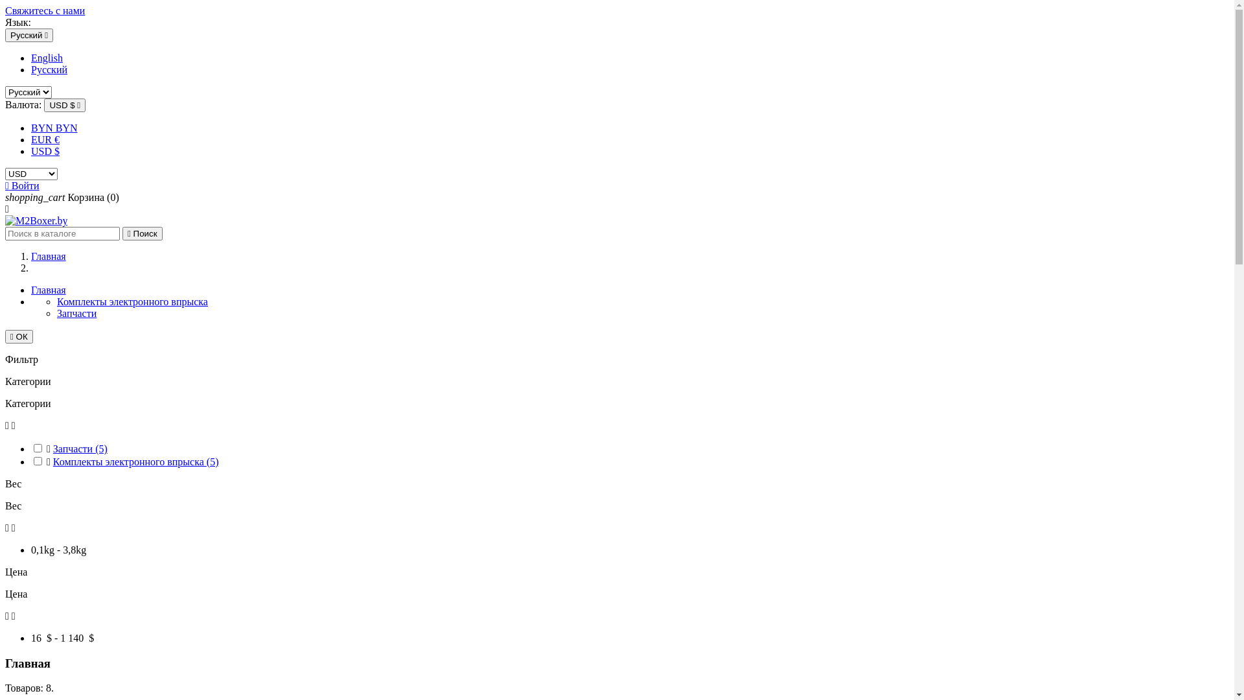 The width and height of the screenshot is (1244, 700). Describe the element at coordinates (47, 57) in the screenshot. I see `'English'` at that location.